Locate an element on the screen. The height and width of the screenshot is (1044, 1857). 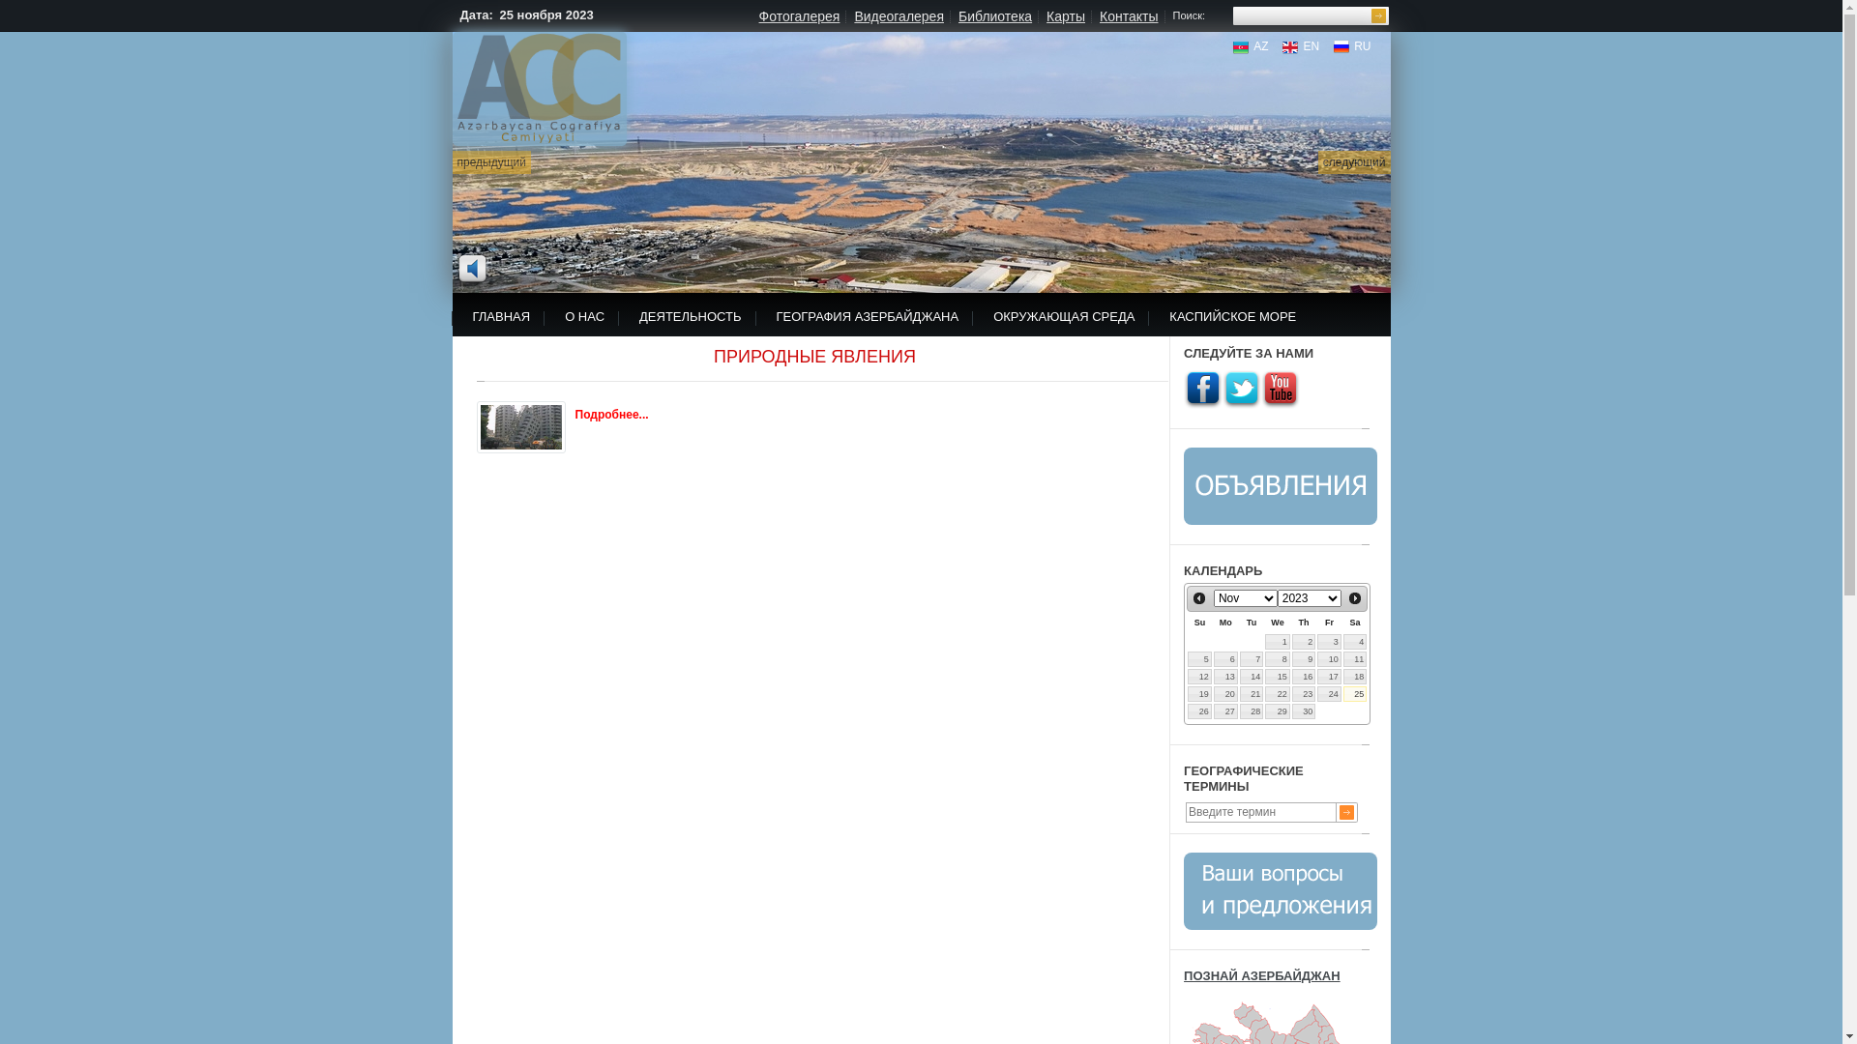
'11' is located at coordinates (1354, 658).